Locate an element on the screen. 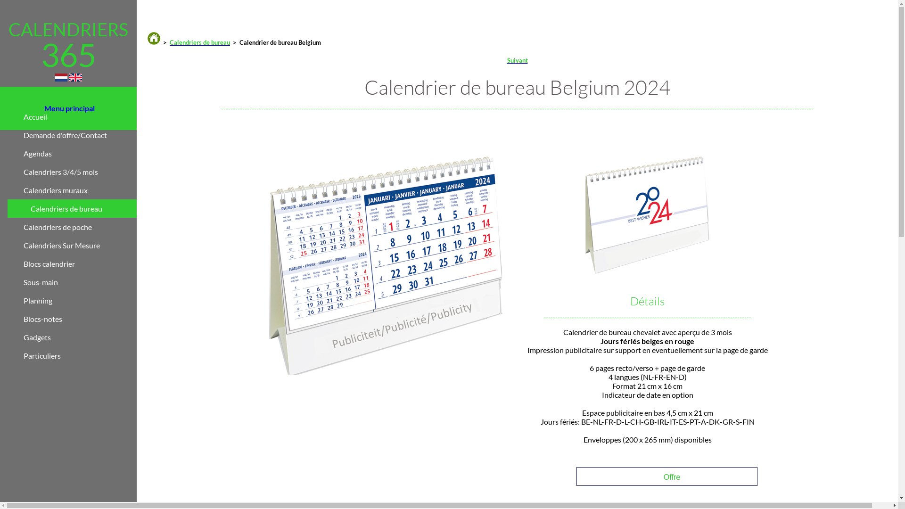 This screenshot has height=509, width=905. 'Offre' is located at coordinates (647, 476).